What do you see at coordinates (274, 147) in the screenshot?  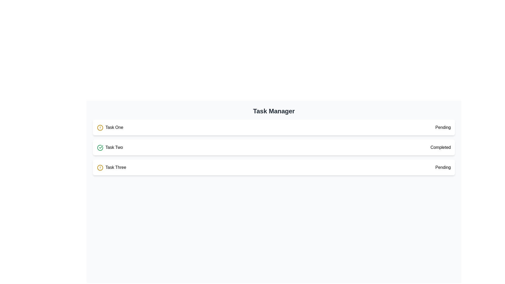 I see `the list item representing 'Task Two', which shows its name and completion status, to initiate potential interactions` at bounding box center [274, 147].